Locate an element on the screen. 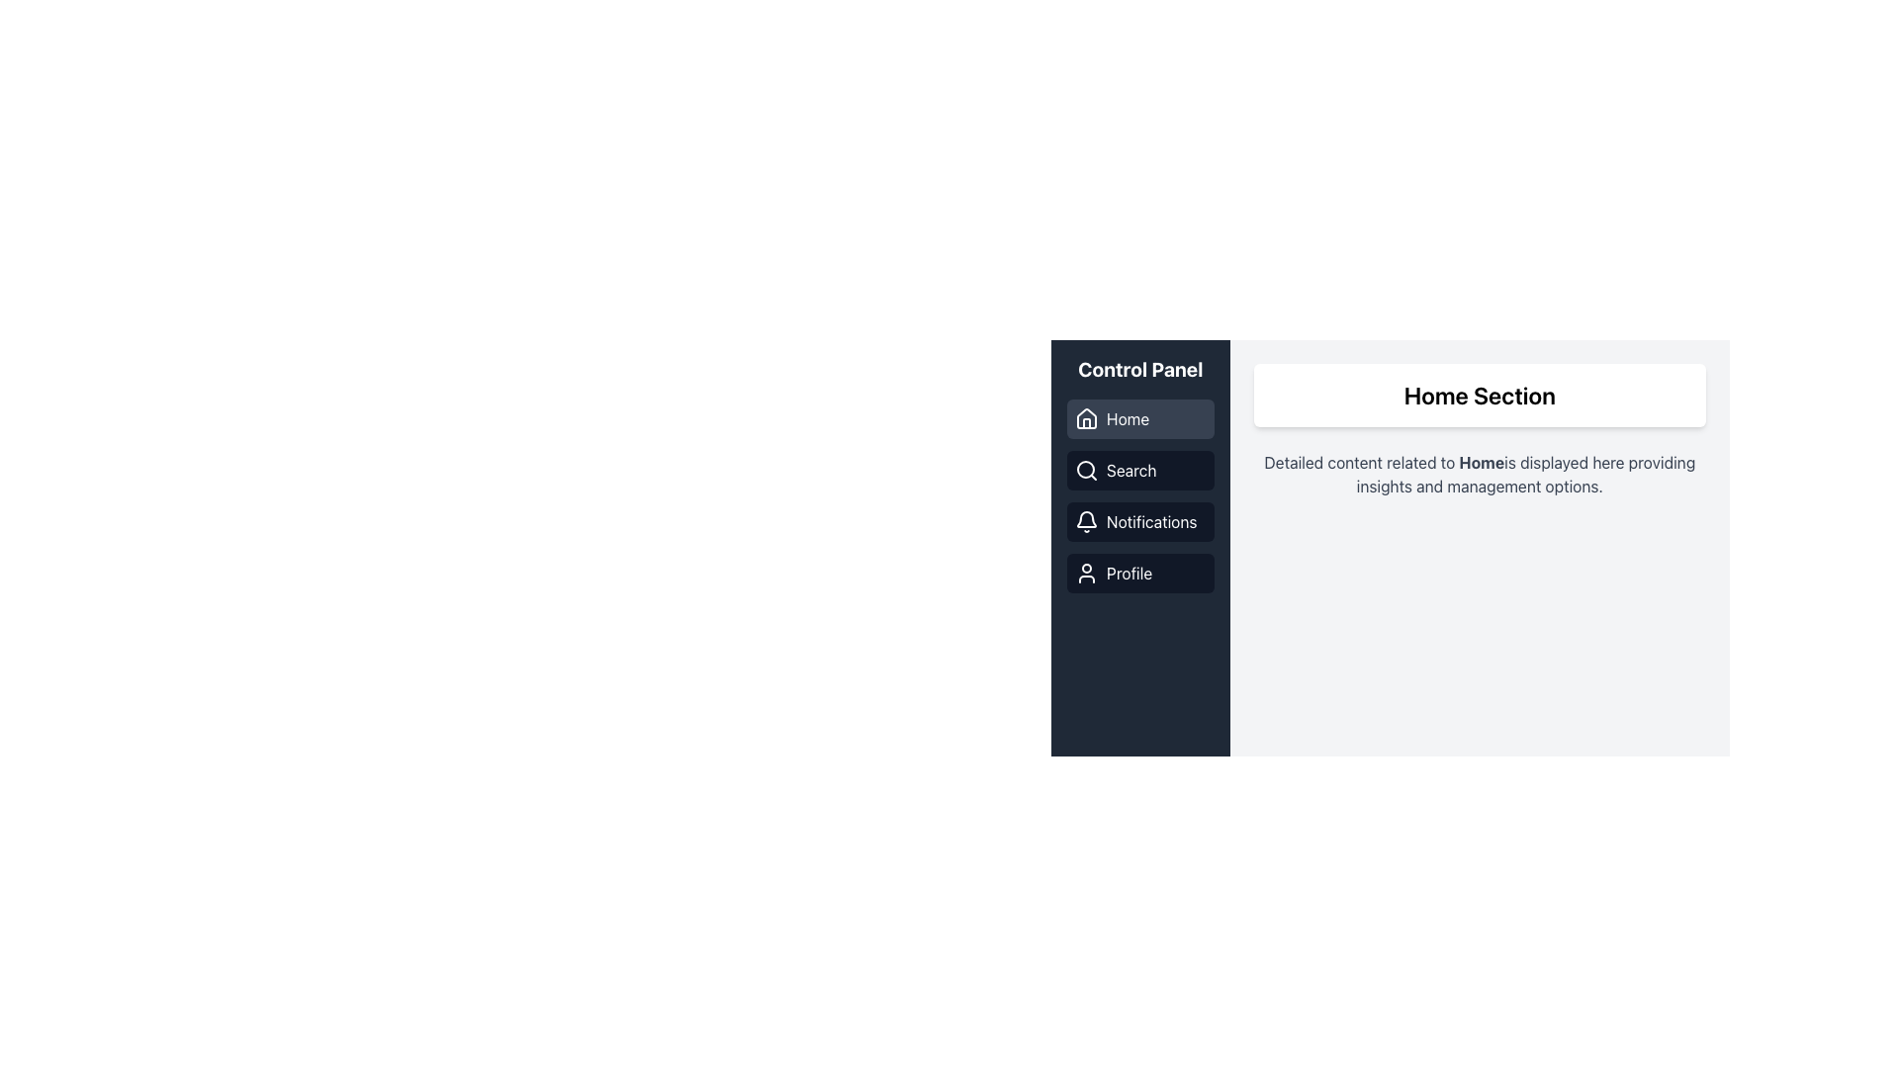 The width and height of the screenshot is (1899, 1068). the Notifications button in the Control Panel navigation menu is located at coordinates (1140, 521).